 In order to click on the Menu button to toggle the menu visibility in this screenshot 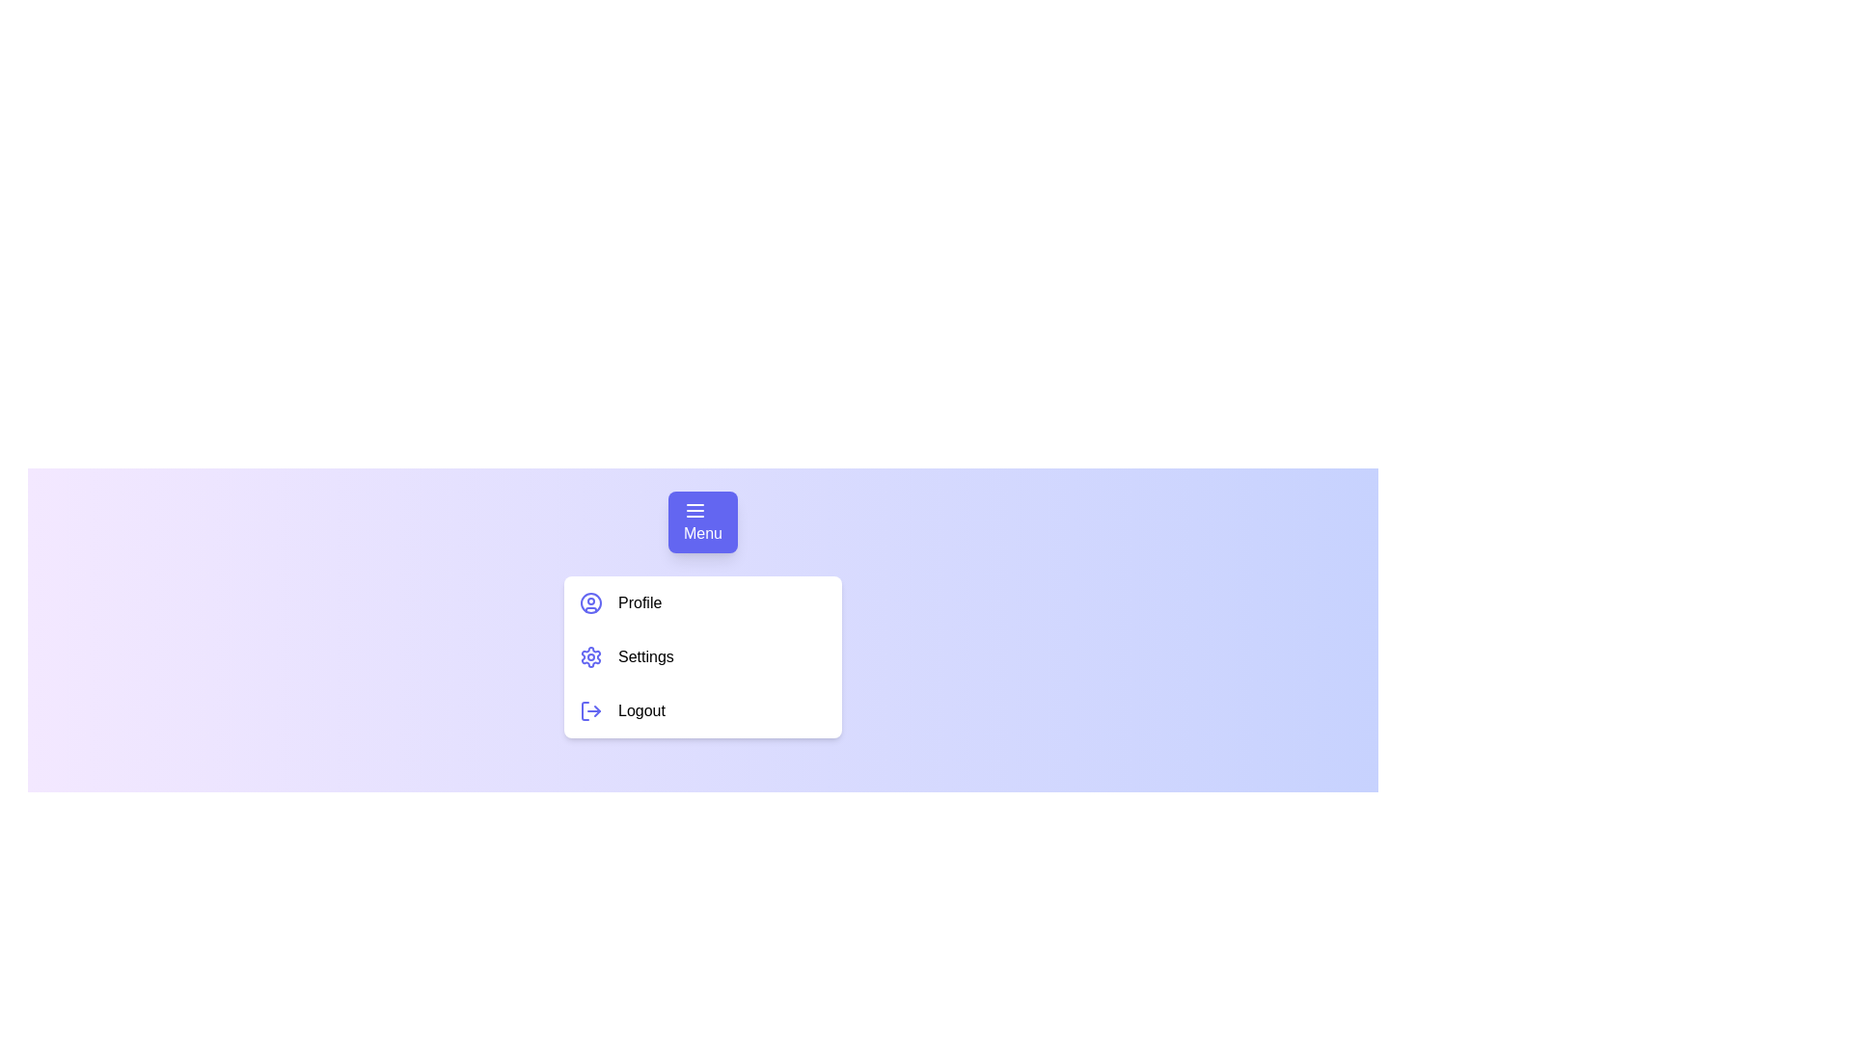, I will do `click(702, 522)`.